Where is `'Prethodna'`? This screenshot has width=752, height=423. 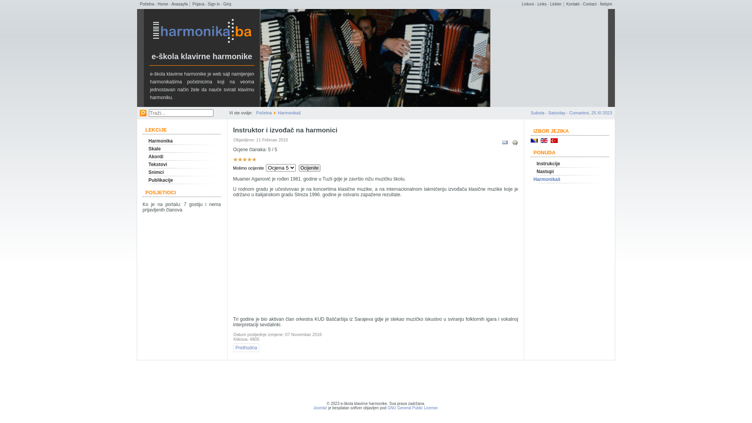 'Prethodna' is located at coordinates (246, 347).